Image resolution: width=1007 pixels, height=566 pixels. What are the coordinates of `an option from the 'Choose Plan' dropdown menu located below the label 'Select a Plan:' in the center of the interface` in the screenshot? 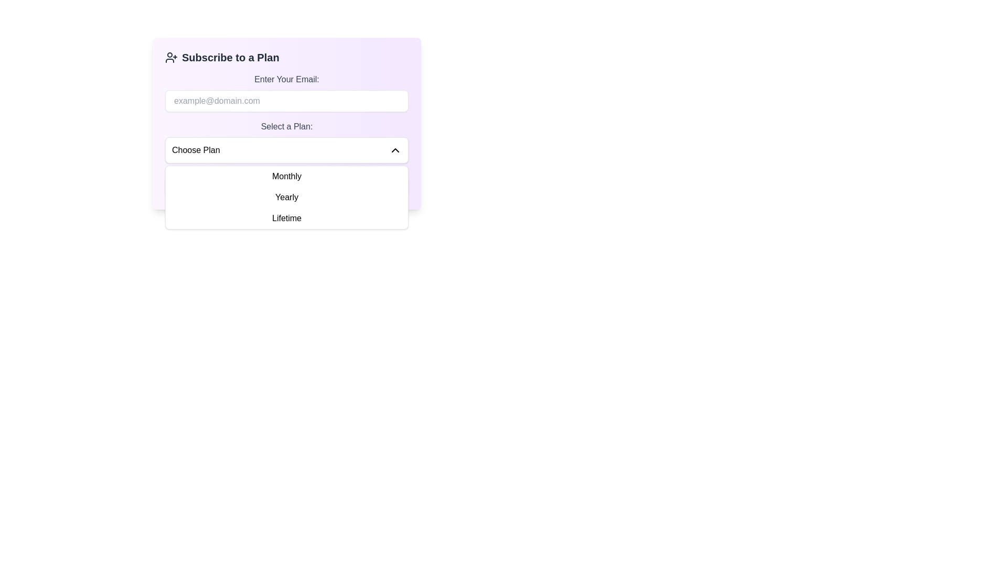 It's located at (287, 150).